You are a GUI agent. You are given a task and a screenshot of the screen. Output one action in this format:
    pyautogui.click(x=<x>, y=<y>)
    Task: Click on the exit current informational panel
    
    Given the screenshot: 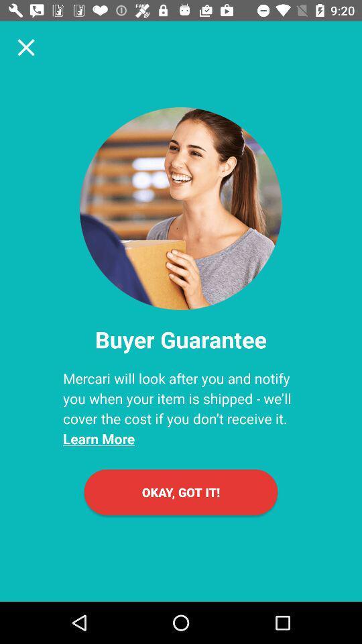 What is the action you would take?
    pyautogui.click(x=26, y=47)
    